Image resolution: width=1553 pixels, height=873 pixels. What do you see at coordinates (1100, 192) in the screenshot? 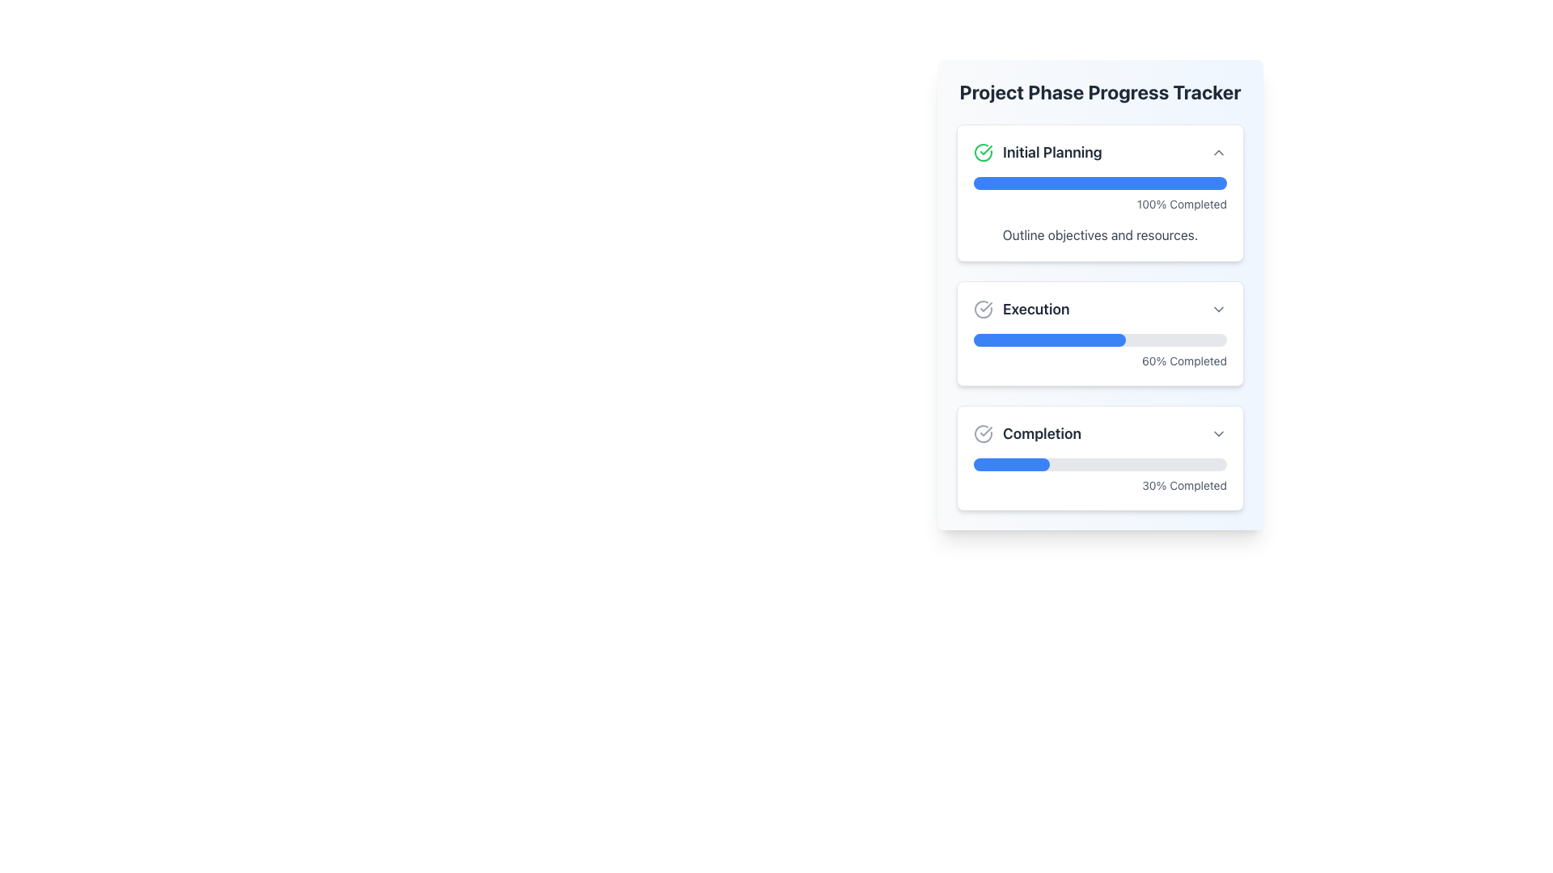
I see `the 'Initial Planning' Informative Panel at the top of the list to visualize the progress` at bounding box center [1100, 192].